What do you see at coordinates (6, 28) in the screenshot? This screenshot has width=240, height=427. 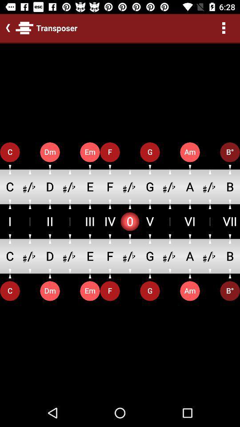 I see `the arrow_backward icon` at bounding box center [6, 28].